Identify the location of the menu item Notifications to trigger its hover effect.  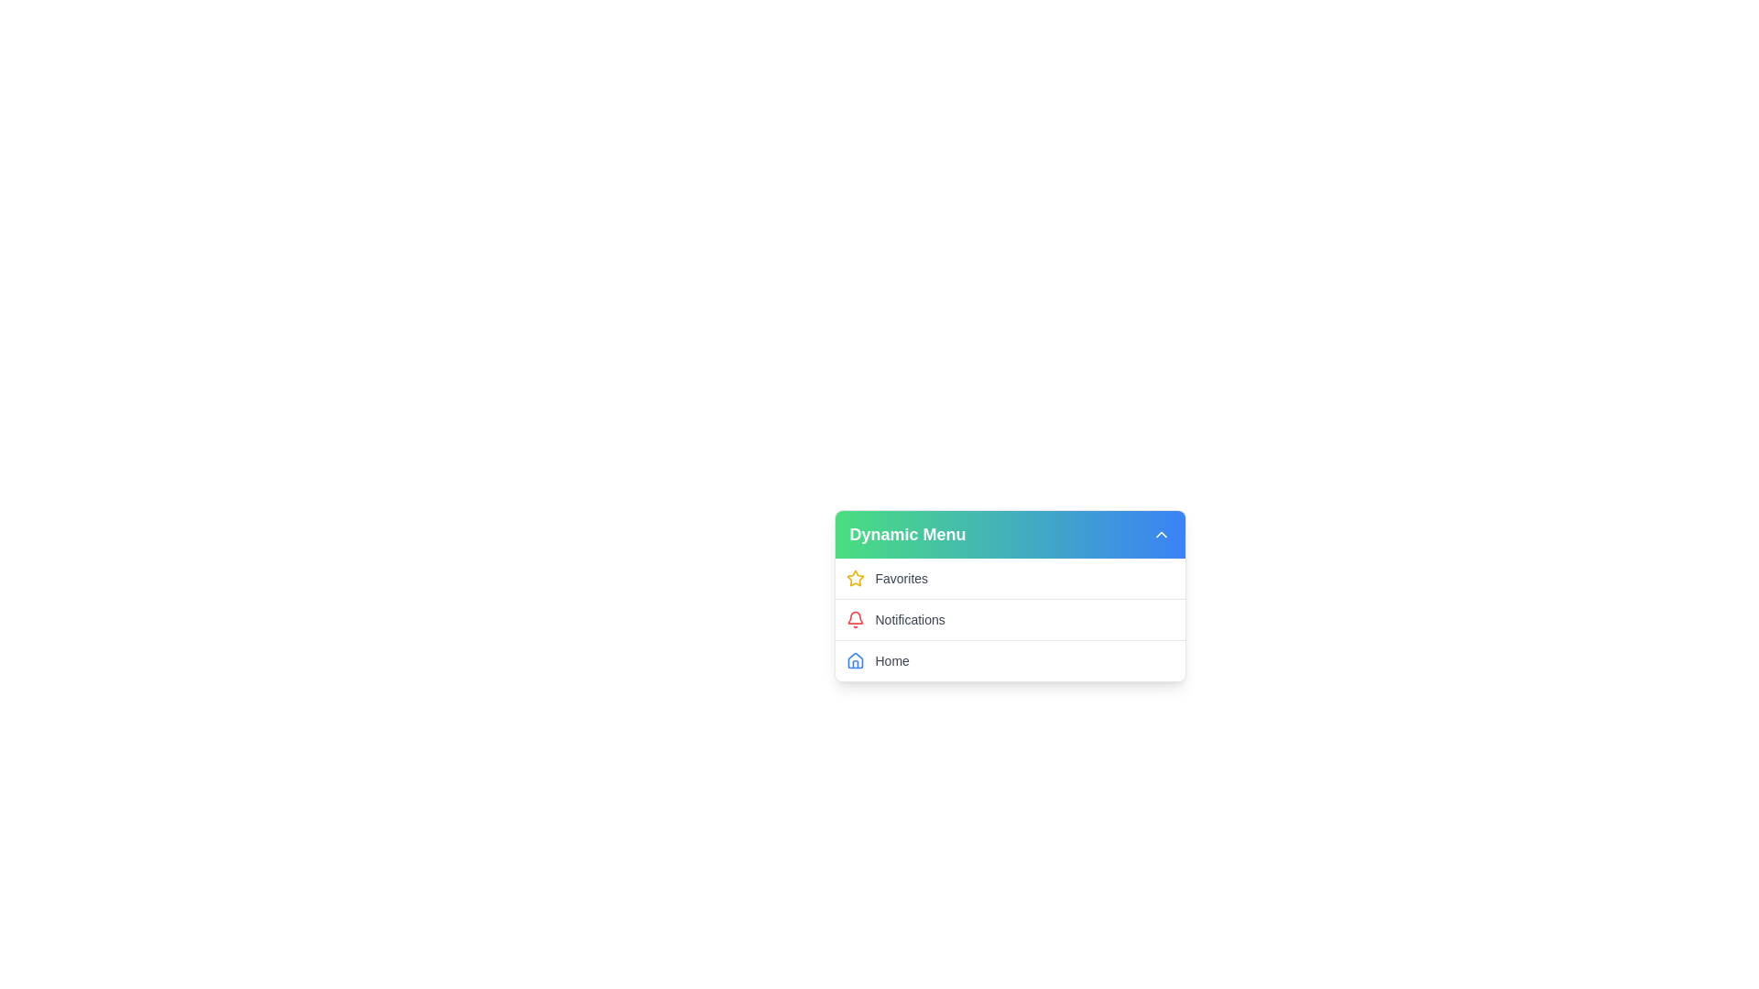
(1009, 618).